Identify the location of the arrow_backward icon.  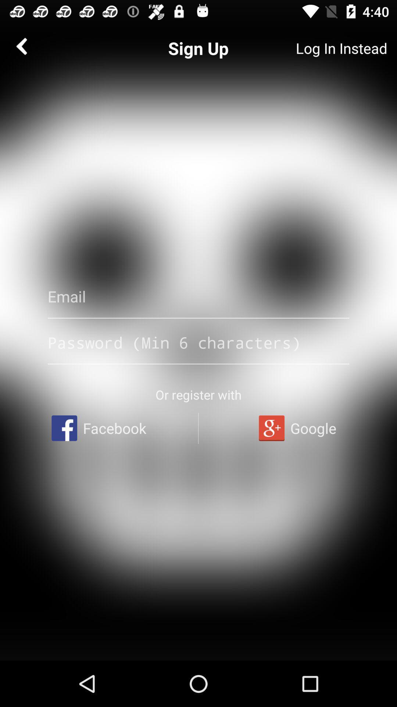
(22, 46).